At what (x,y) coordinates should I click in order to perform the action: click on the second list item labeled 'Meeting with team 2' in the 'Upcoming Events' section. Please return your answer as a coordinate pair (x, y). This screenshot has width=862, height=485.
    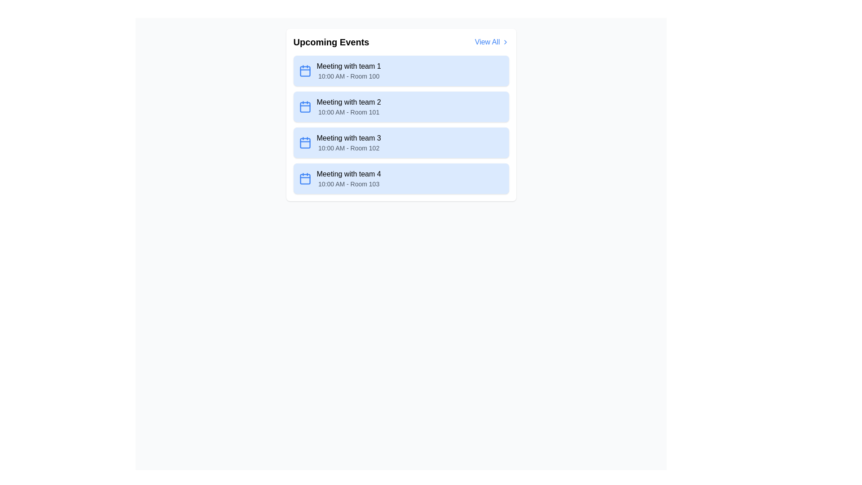
    Looking at the image, I should click on (400, 114).